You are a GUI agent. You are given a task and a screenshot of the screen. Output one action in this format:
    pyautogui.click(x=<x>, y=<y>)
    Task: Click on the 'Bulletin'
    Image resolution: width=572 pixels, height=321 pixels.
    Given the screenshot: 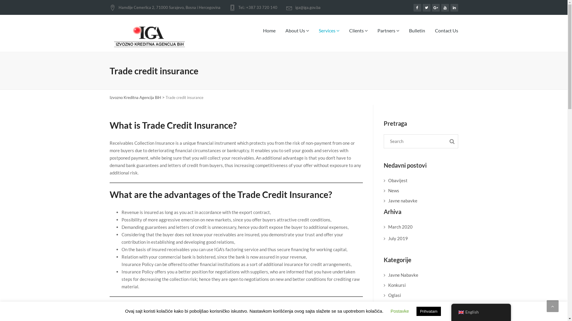 What is the action you would take?
    pyautogui.click(x=417, y=35)
    